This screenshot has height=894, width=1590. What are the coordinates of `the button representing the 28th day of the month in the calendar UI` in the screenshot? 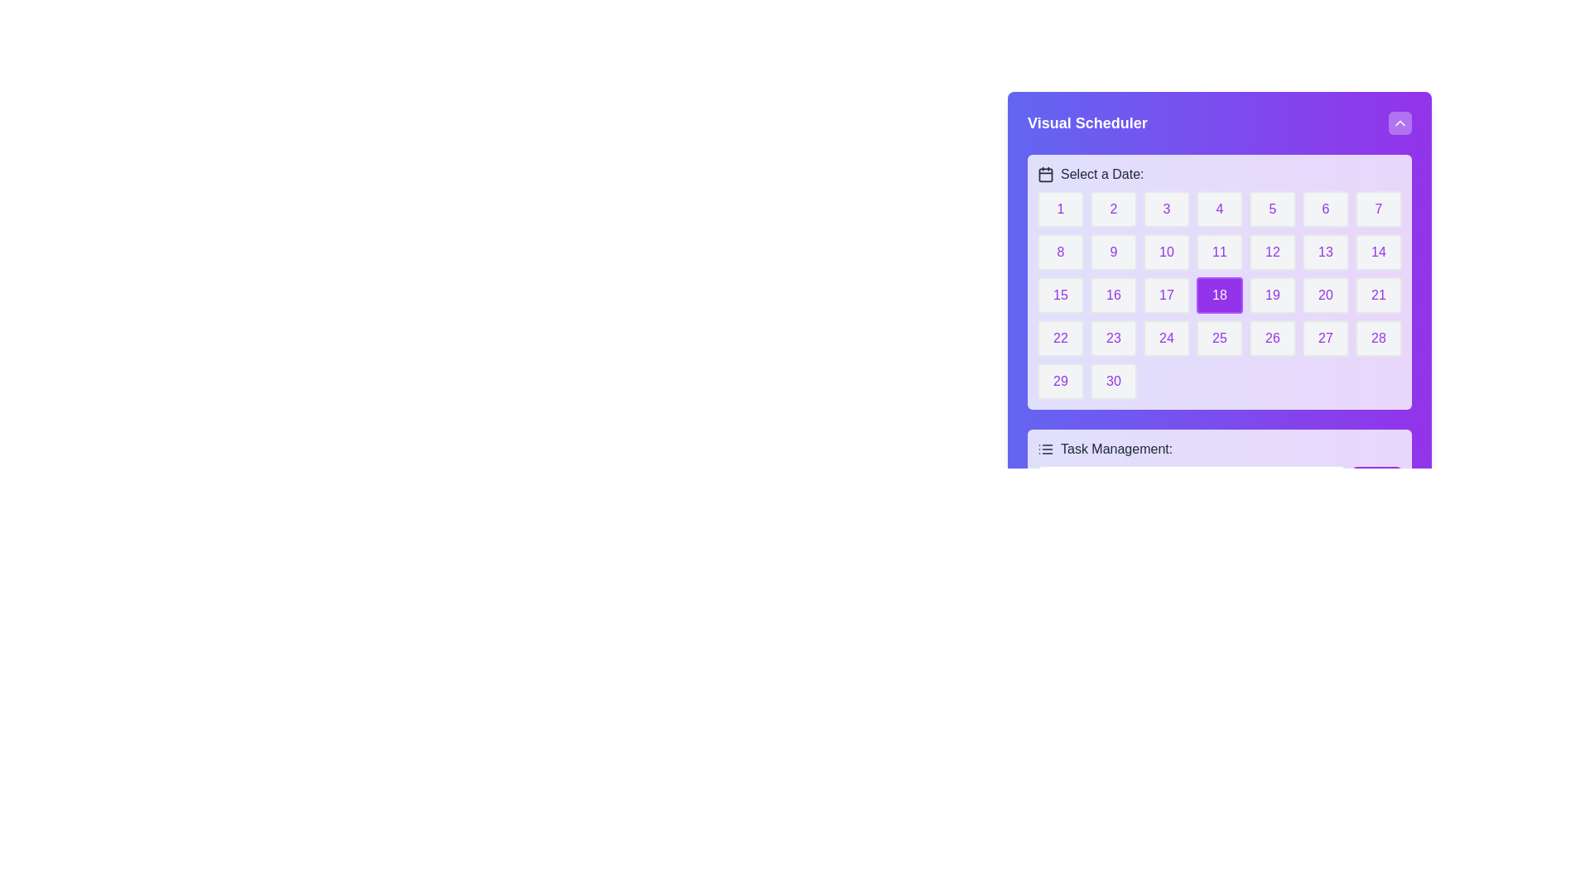 It's located at (1379, 337).